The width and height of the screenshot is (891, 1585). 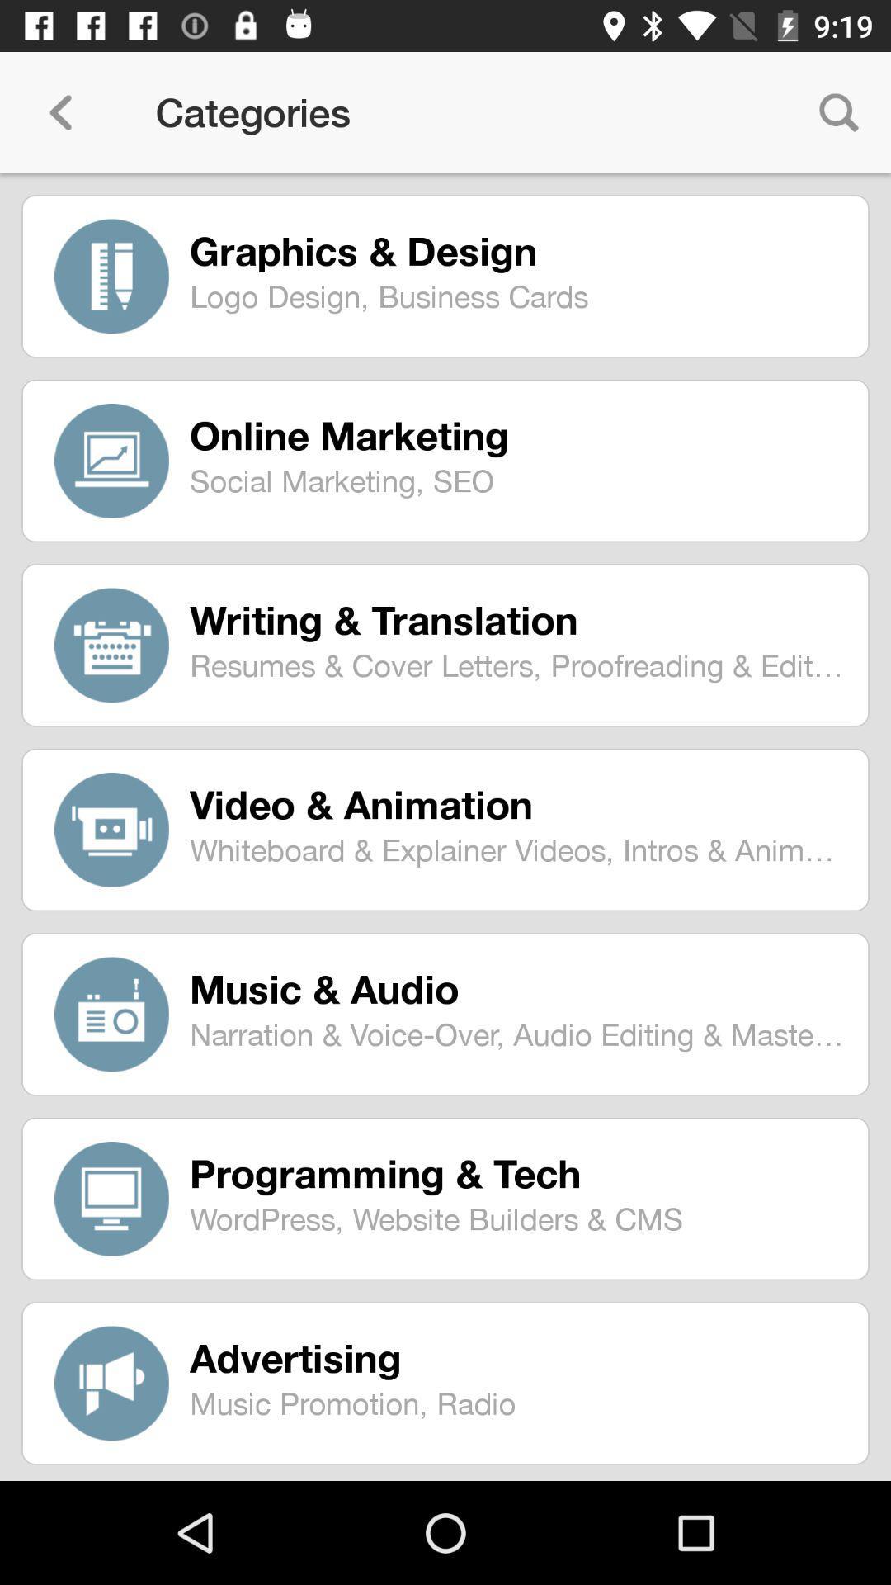 I want to click on item next to categories icon, so click(x=59, y=111).